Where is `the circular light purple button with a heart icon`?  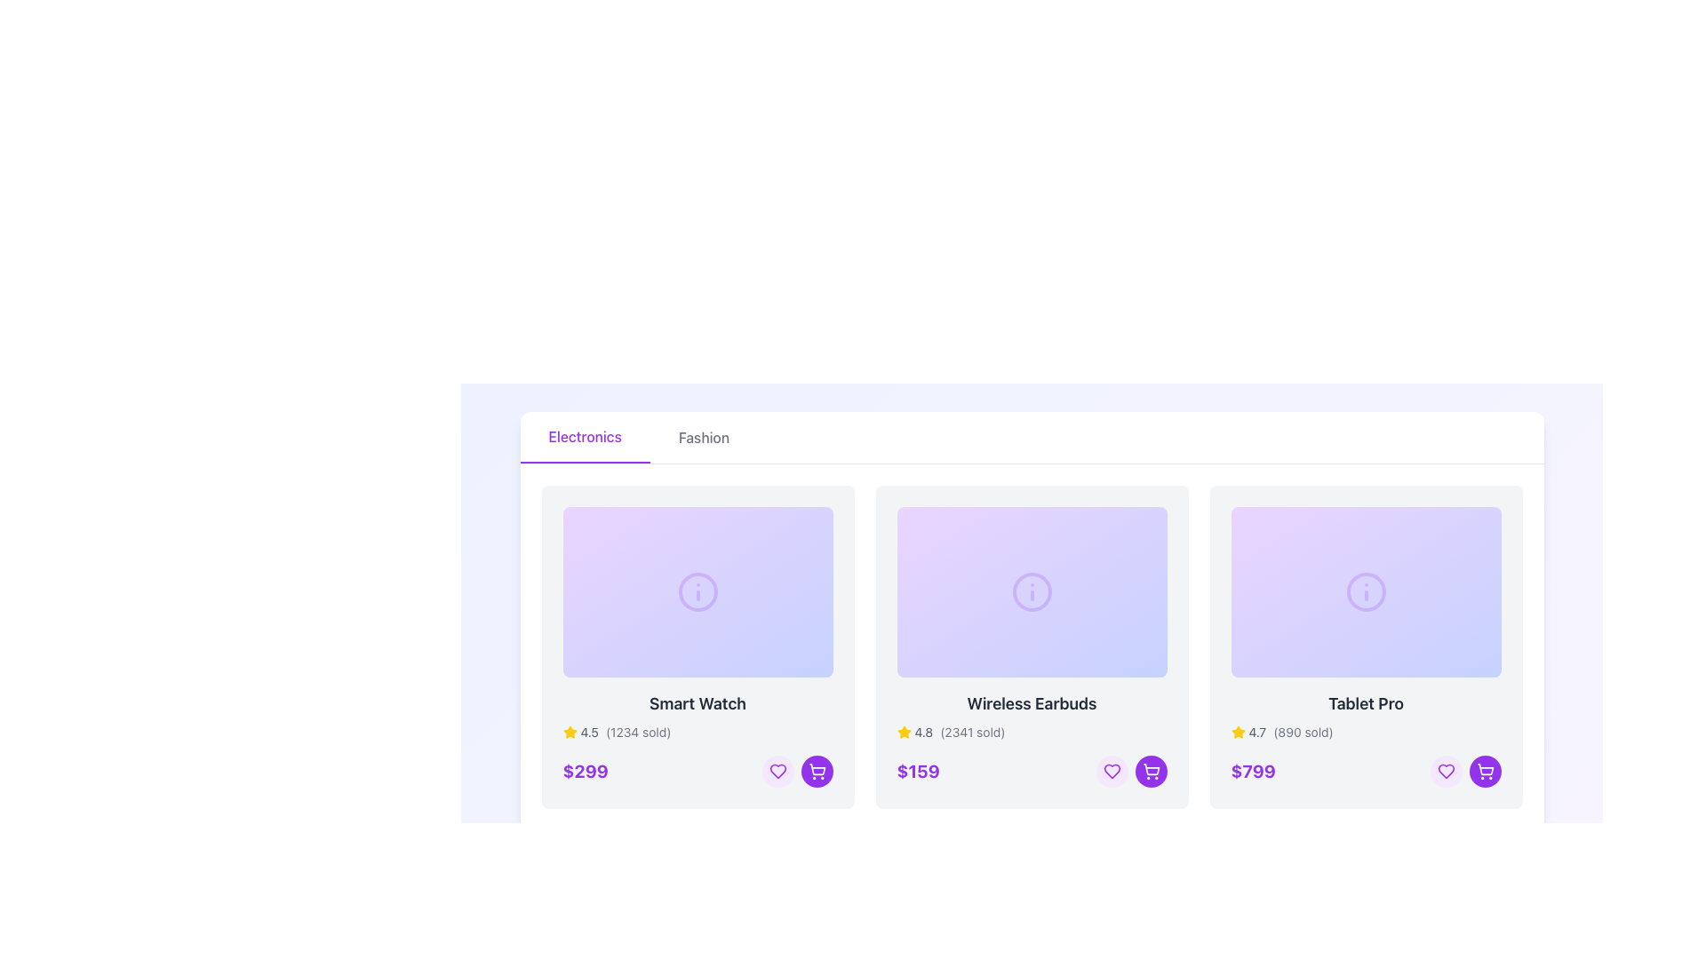 the circular light purple button with a heart icon is located at coordinates (1111, 770).